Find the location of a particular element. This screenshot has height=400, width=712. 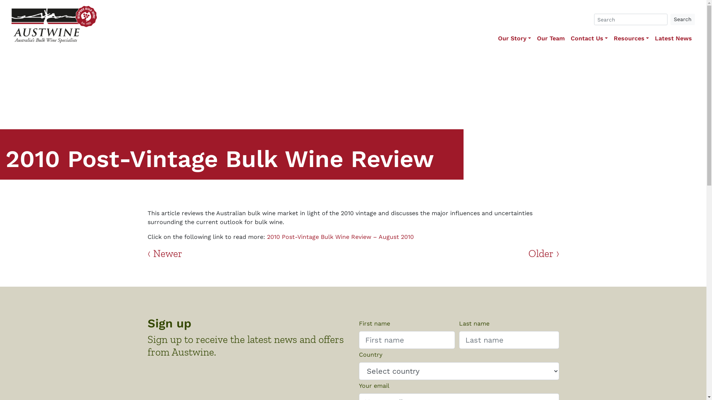

'Contact Us' is located at coordinates (567, 39).